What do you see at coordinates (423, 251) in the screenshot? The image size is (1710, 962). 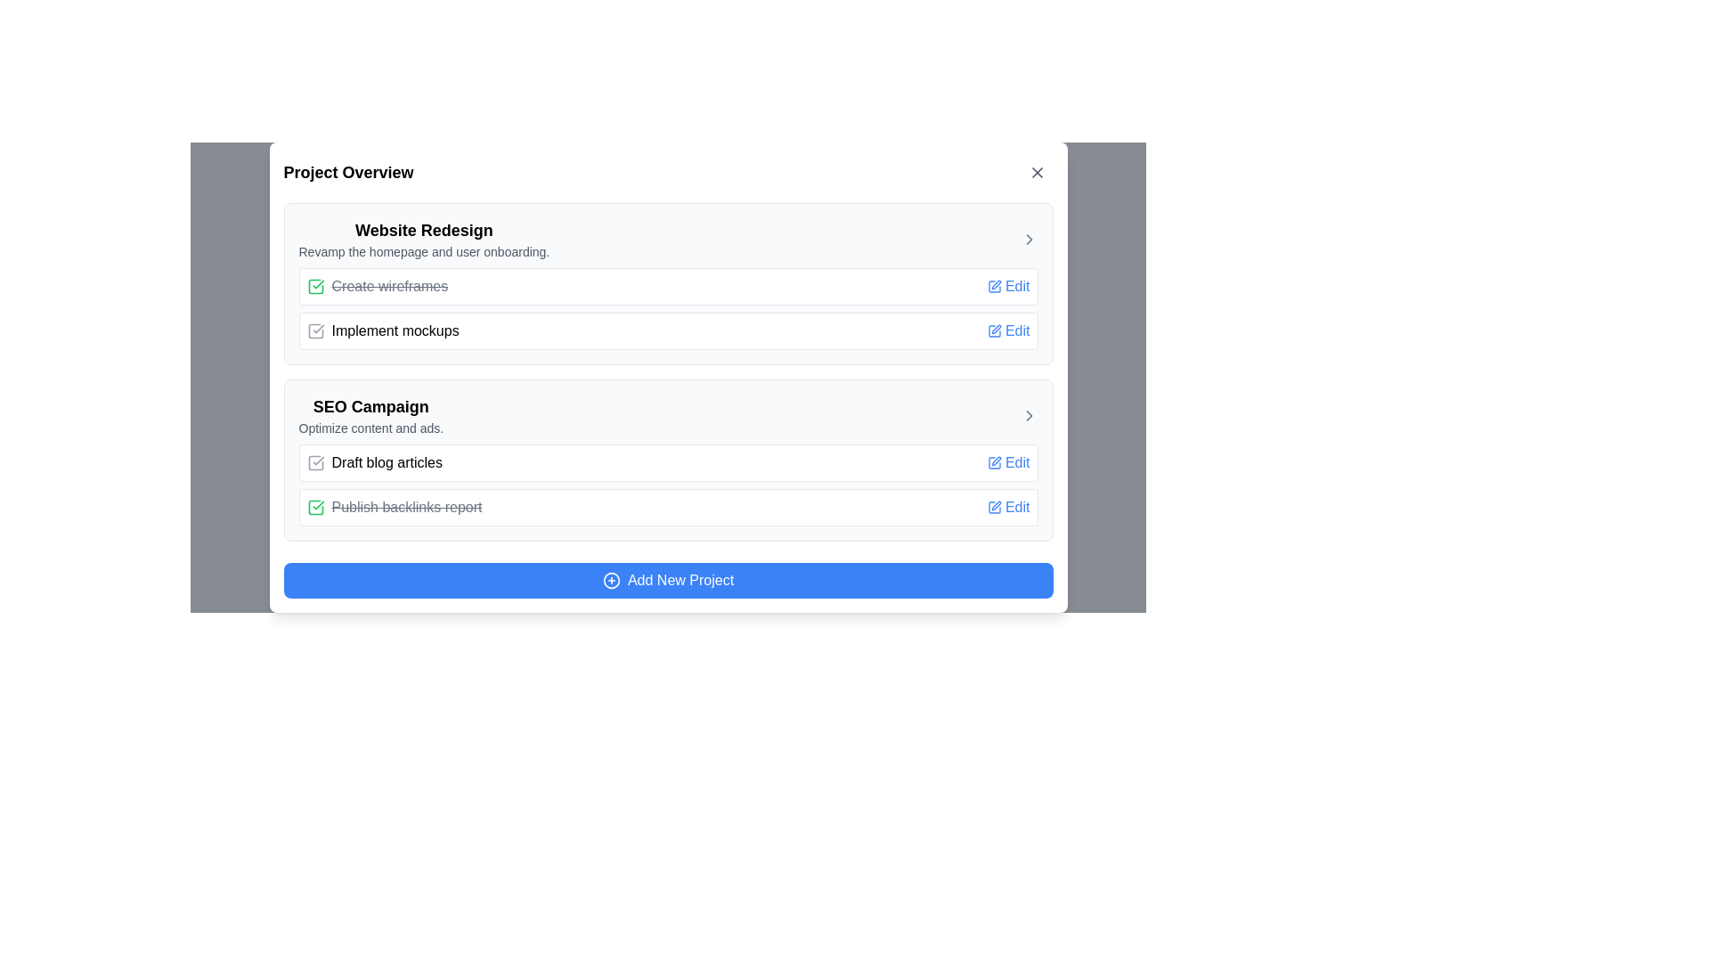 I see `descriptive text located in the task card labeled 'Website Redesign', which is styled in a smaller font size and light gray color, positioned beneath the title text 'Website Redesign'` at bounding box center [423, 251].